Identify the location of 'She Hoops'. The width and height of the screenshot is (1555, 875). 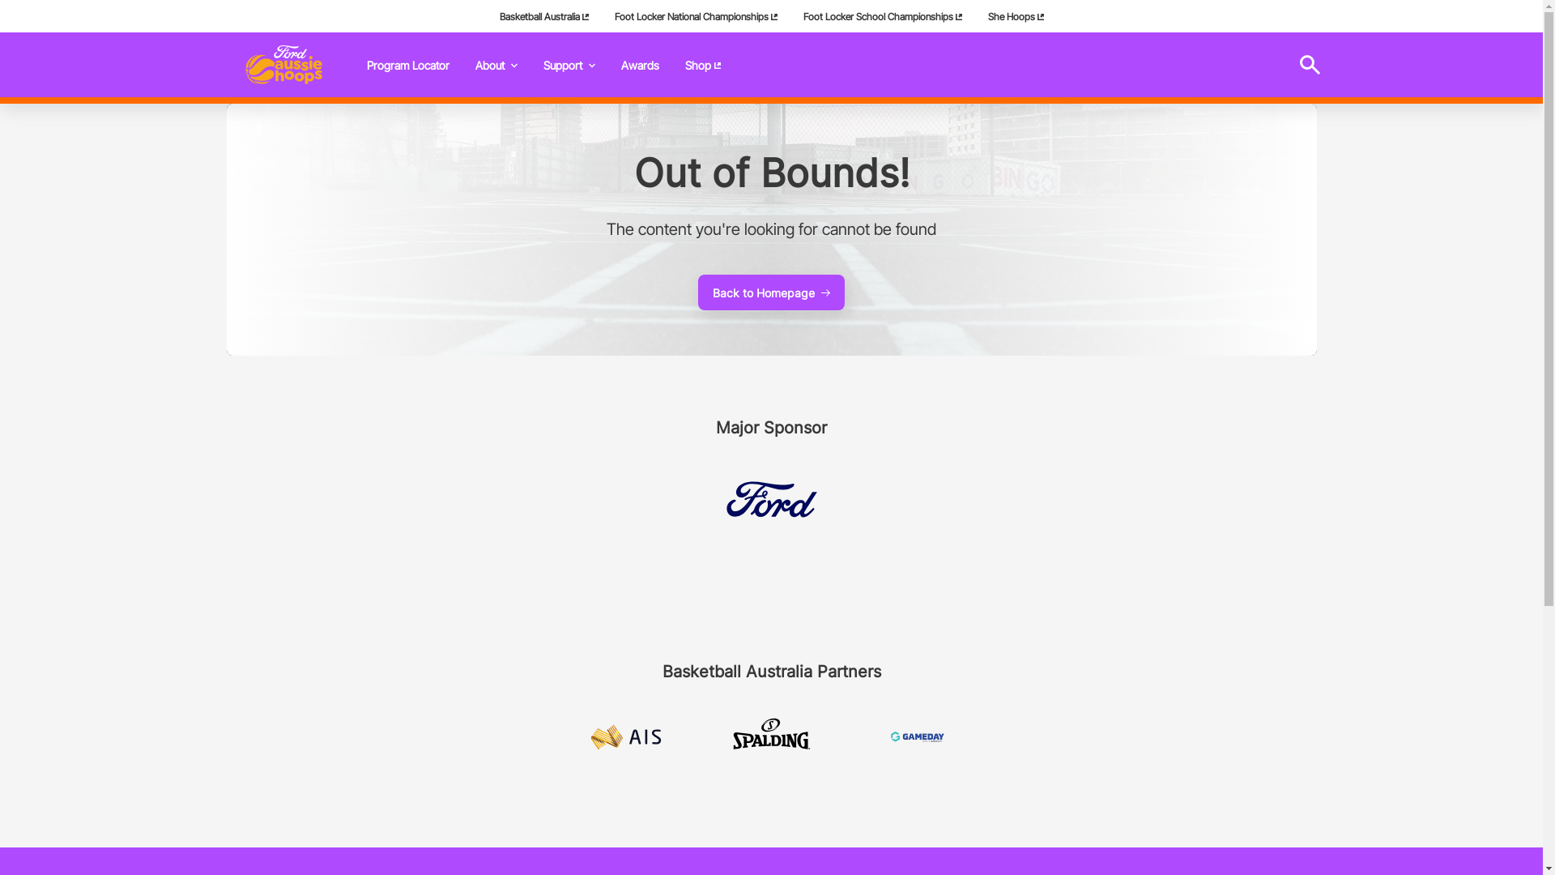
(974, 15).